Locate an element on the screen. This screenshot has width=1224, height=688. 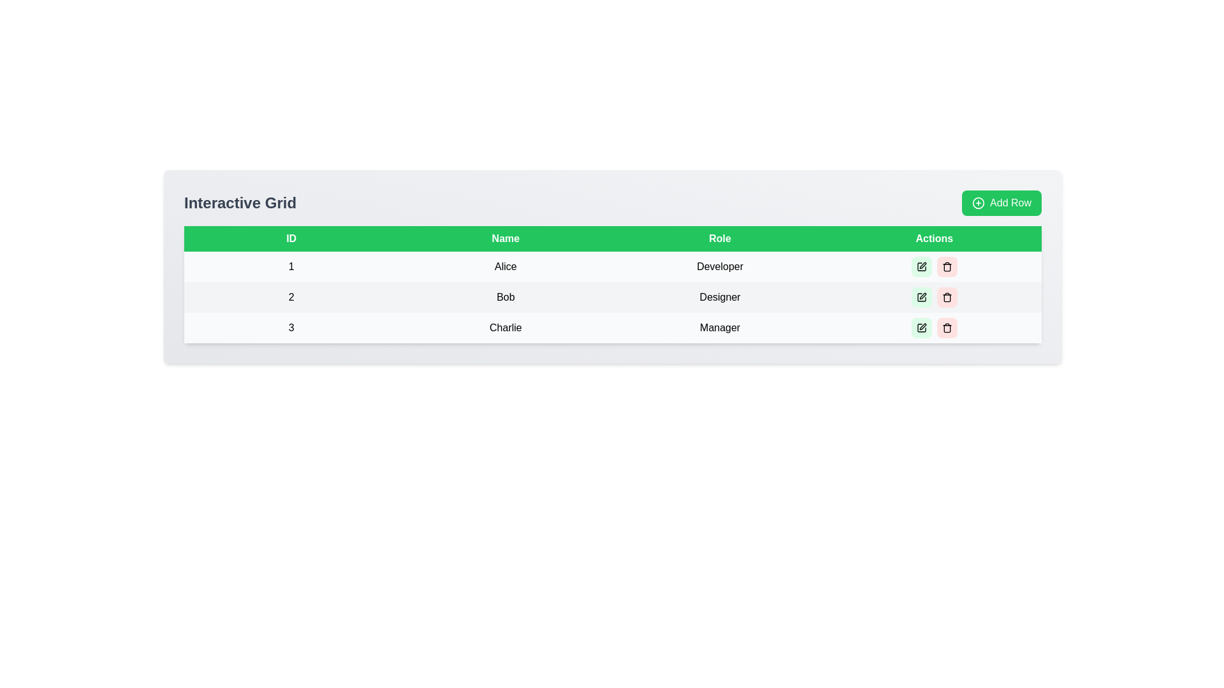
the Icon button for editing in the Actions column of the grid corresponding to user 'Charlie' is located at coordinates (922, 326).